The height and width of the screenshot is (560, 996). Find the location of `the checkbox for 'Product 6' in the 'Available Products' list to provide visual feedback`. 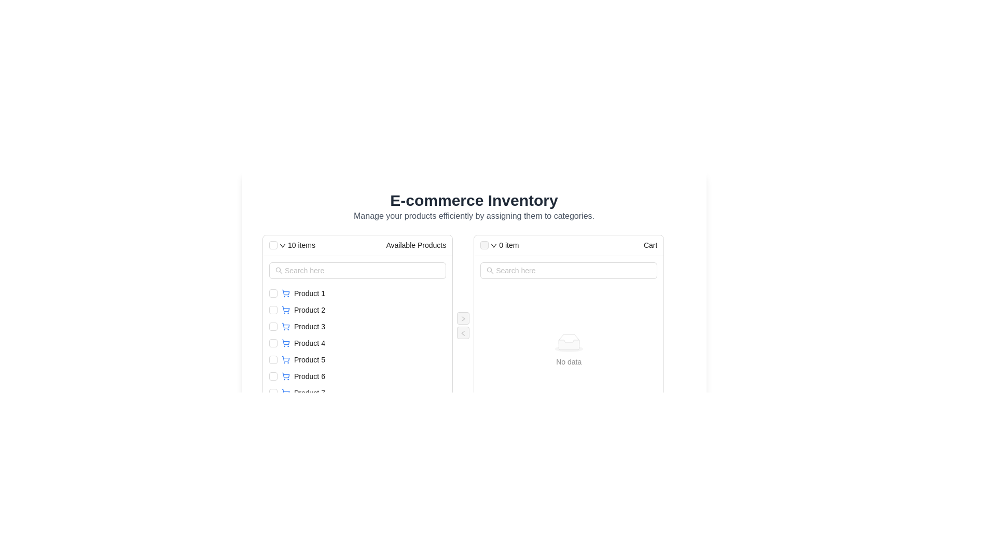

the checkbox for 'Product 6' in the 'Available Products' list to provide visual feedback is located at coordinates (273, 376).